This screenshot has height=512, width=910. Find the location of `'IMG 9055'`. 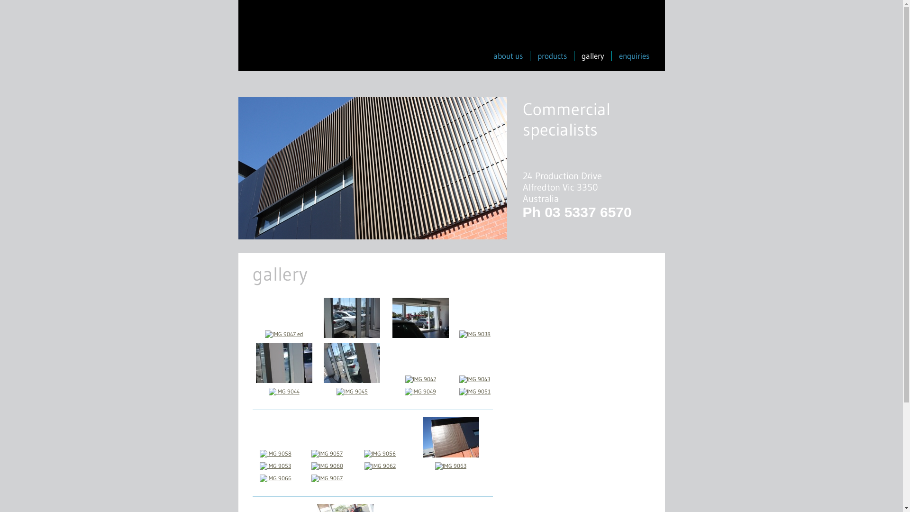

'IMG 9055' is located at coordinates (450, 453).